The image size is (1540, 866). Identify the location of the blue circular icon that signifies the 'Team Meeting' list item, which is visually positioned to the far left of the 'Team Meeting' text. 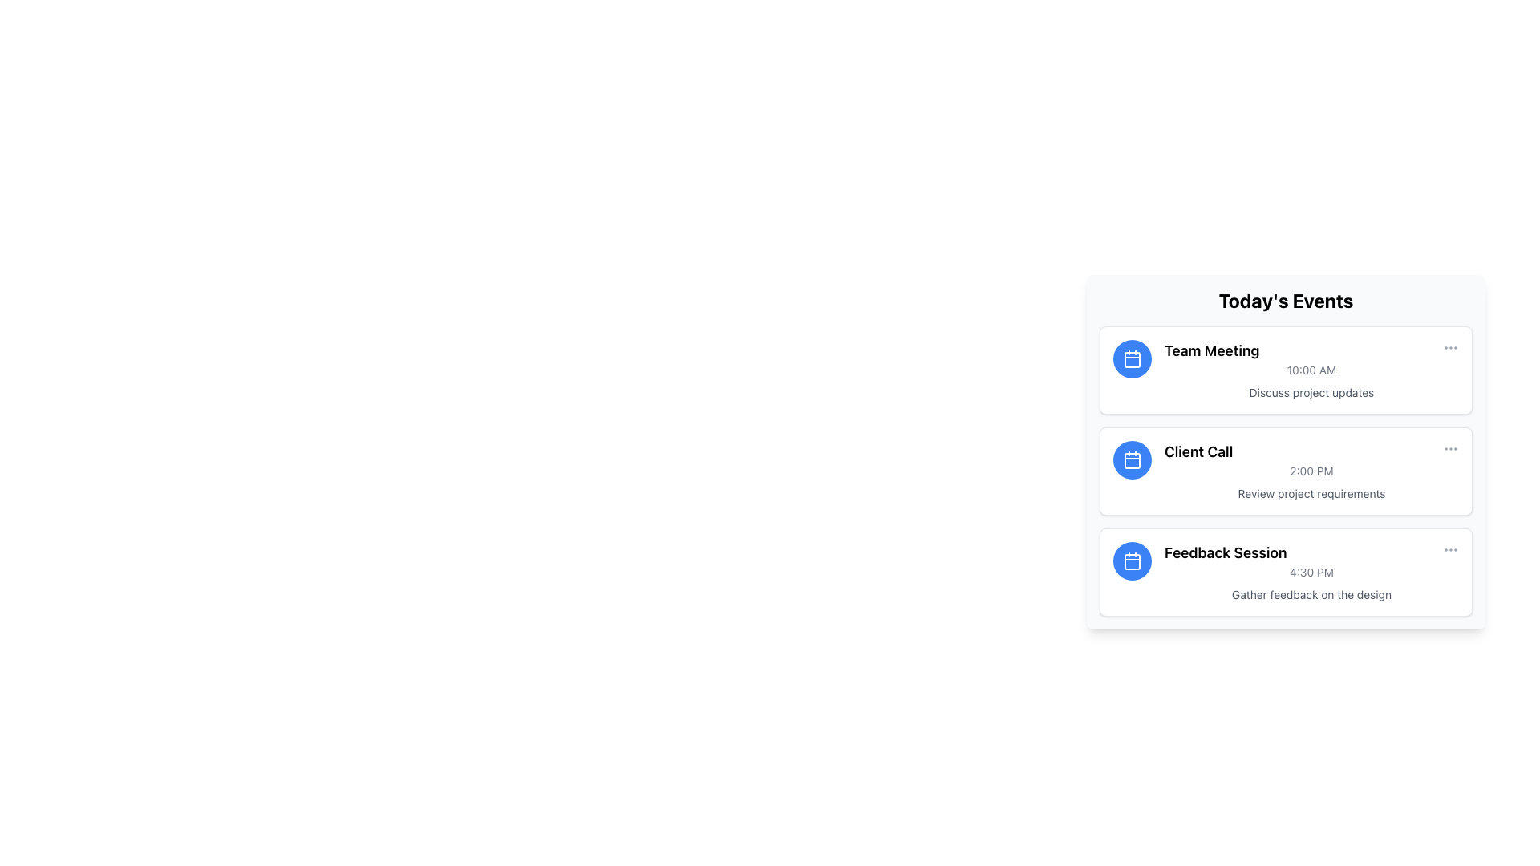
(1131, 358).